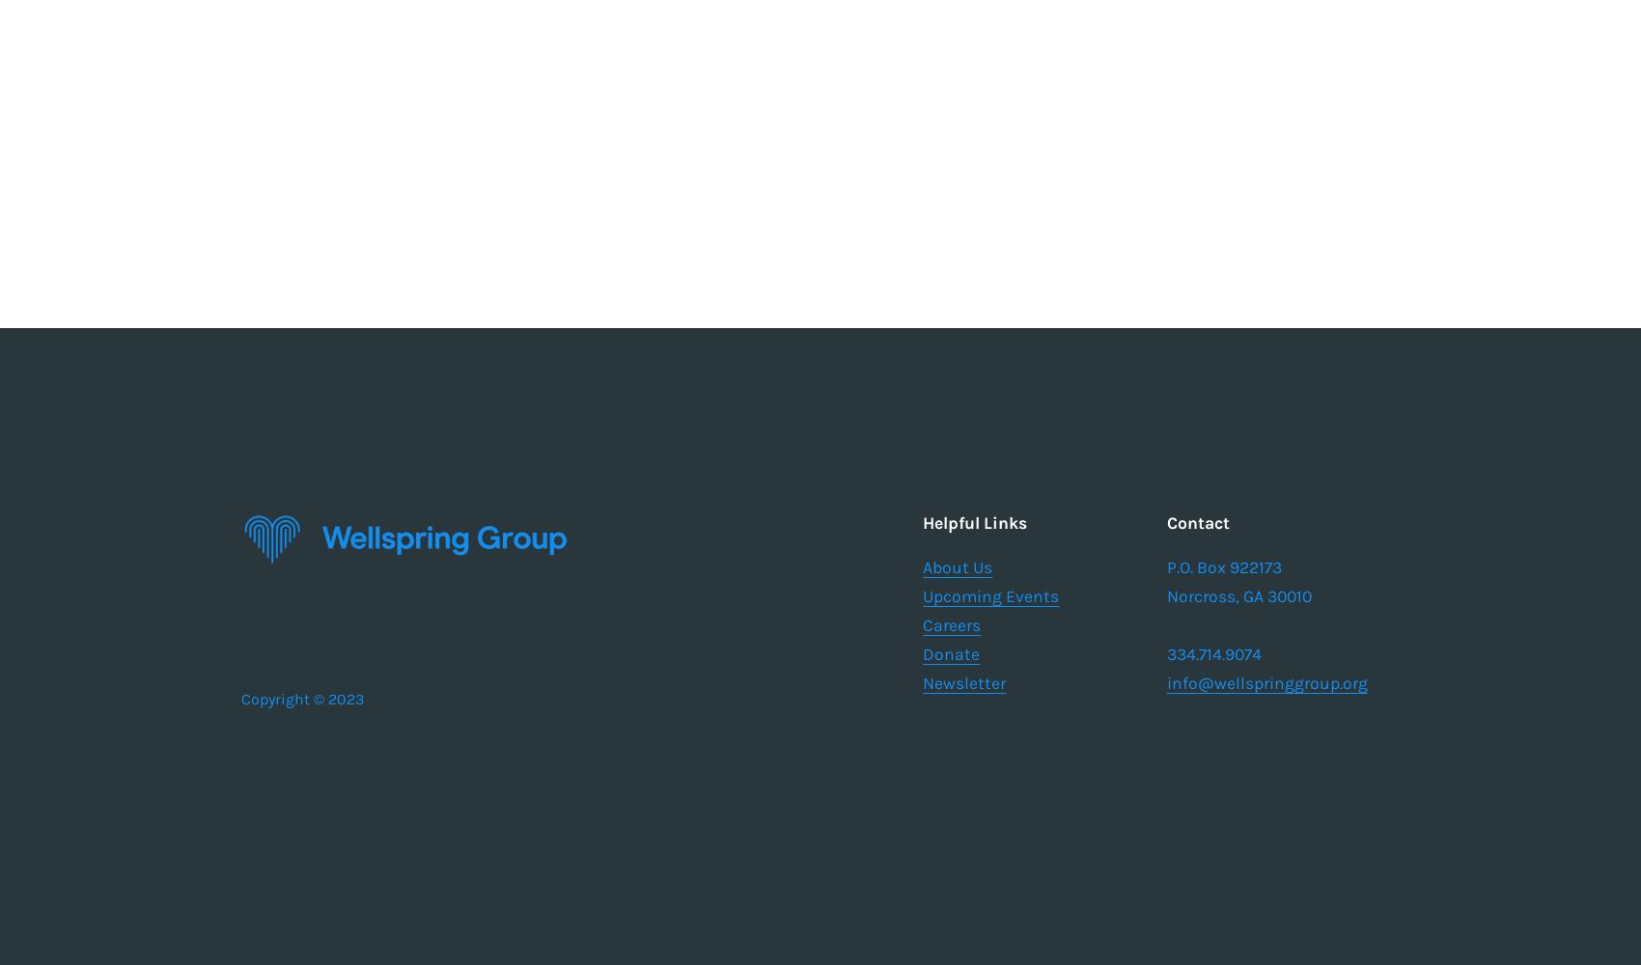  I want to click on 'Newsletter', so click(962, 681).